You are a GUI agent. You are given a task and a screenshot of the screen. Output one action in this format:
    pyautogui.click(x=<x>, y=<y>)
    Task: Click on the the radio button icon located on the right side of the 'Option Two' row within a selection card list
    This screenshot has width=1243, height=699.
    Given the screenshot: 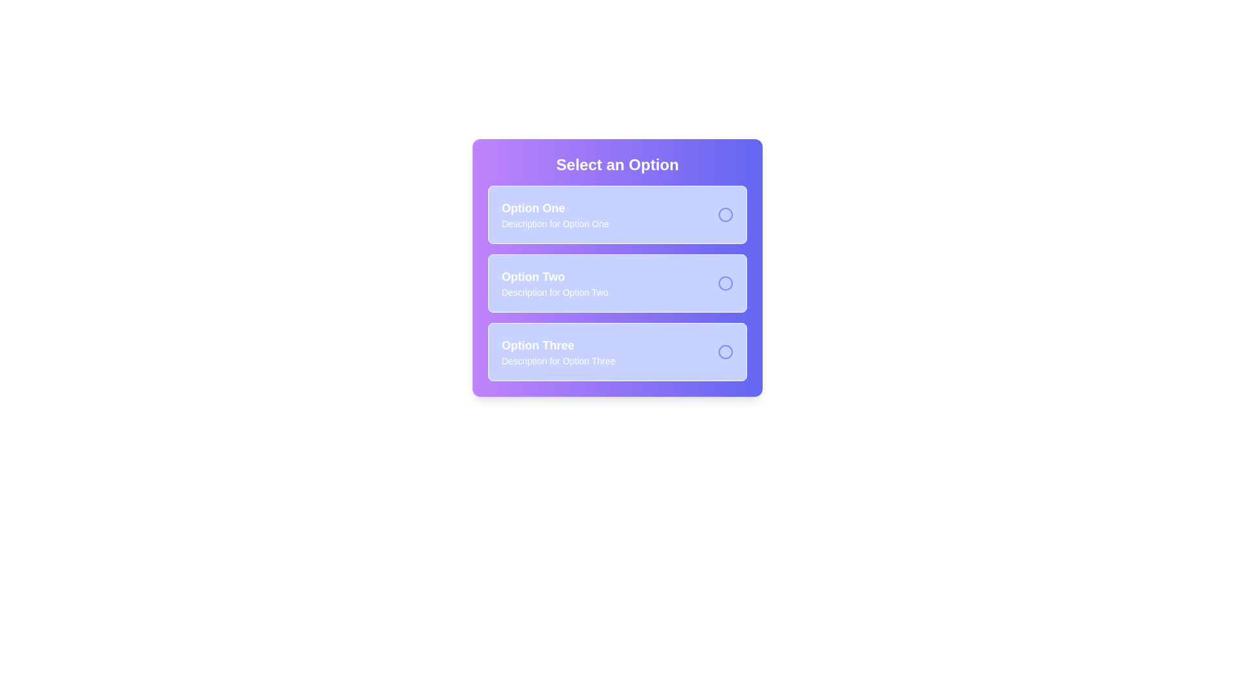 What is the action you would take?
    pyautogui.click(x=726, y=283)
    